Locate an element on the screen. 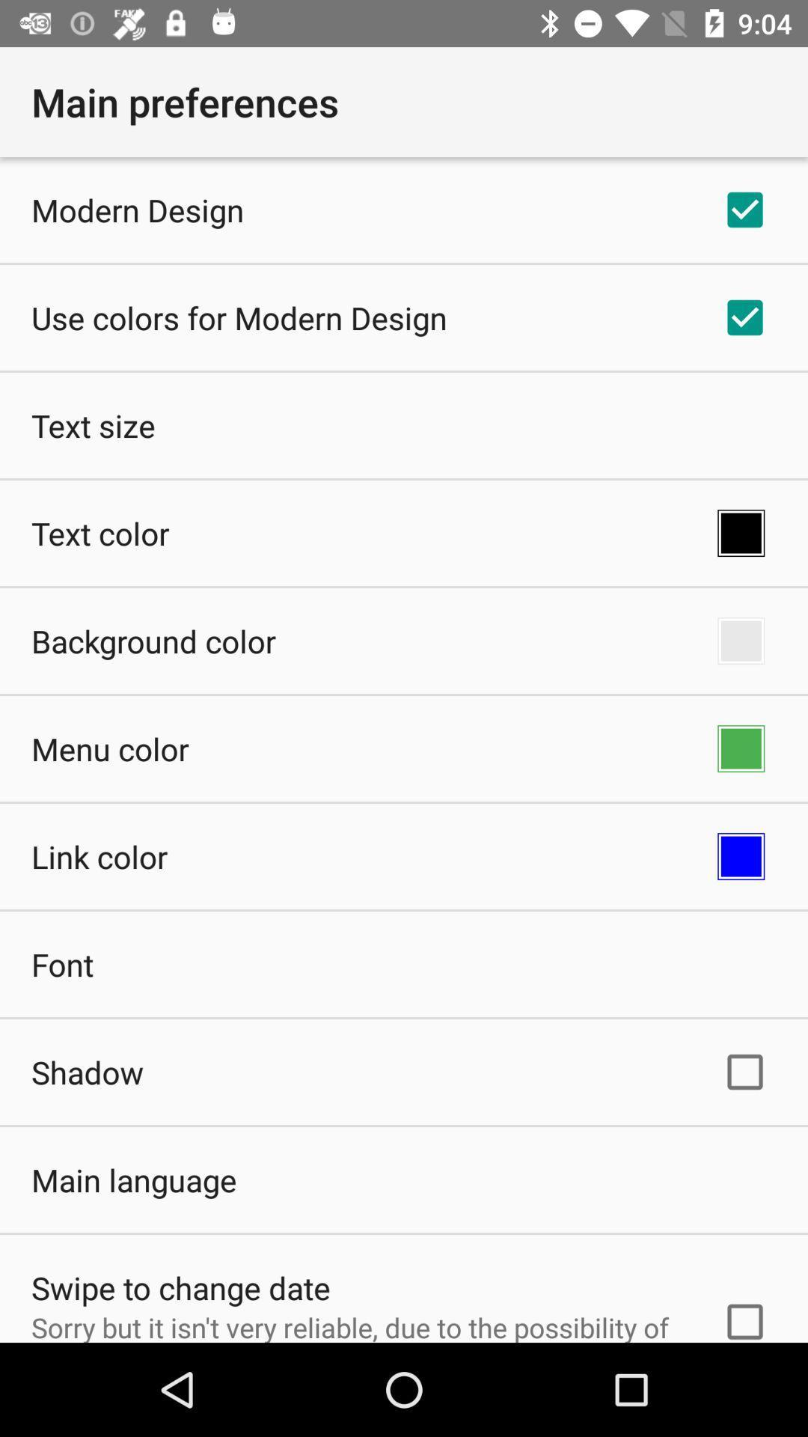 This screenshot has width=808, height=1437. app below text size app is located at coordinates (100, 533).